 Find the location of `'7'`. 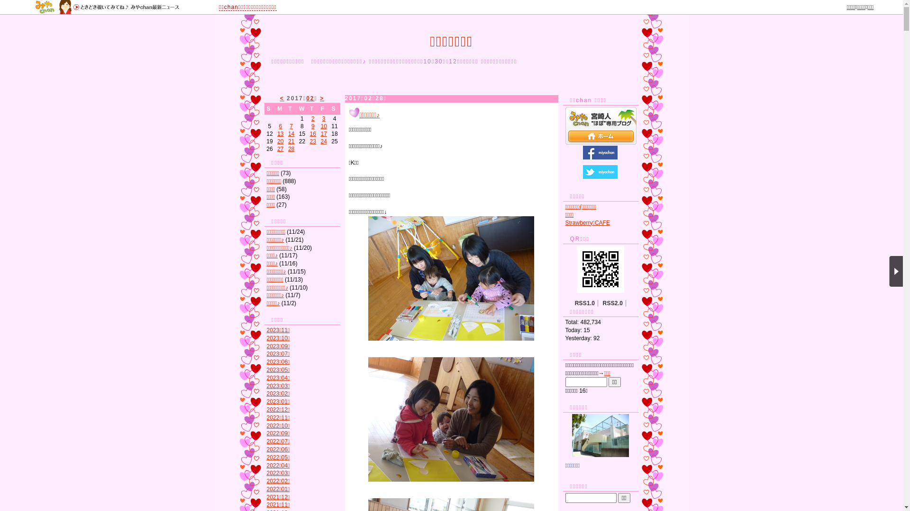

'7' is located at coordinates (291, 125).